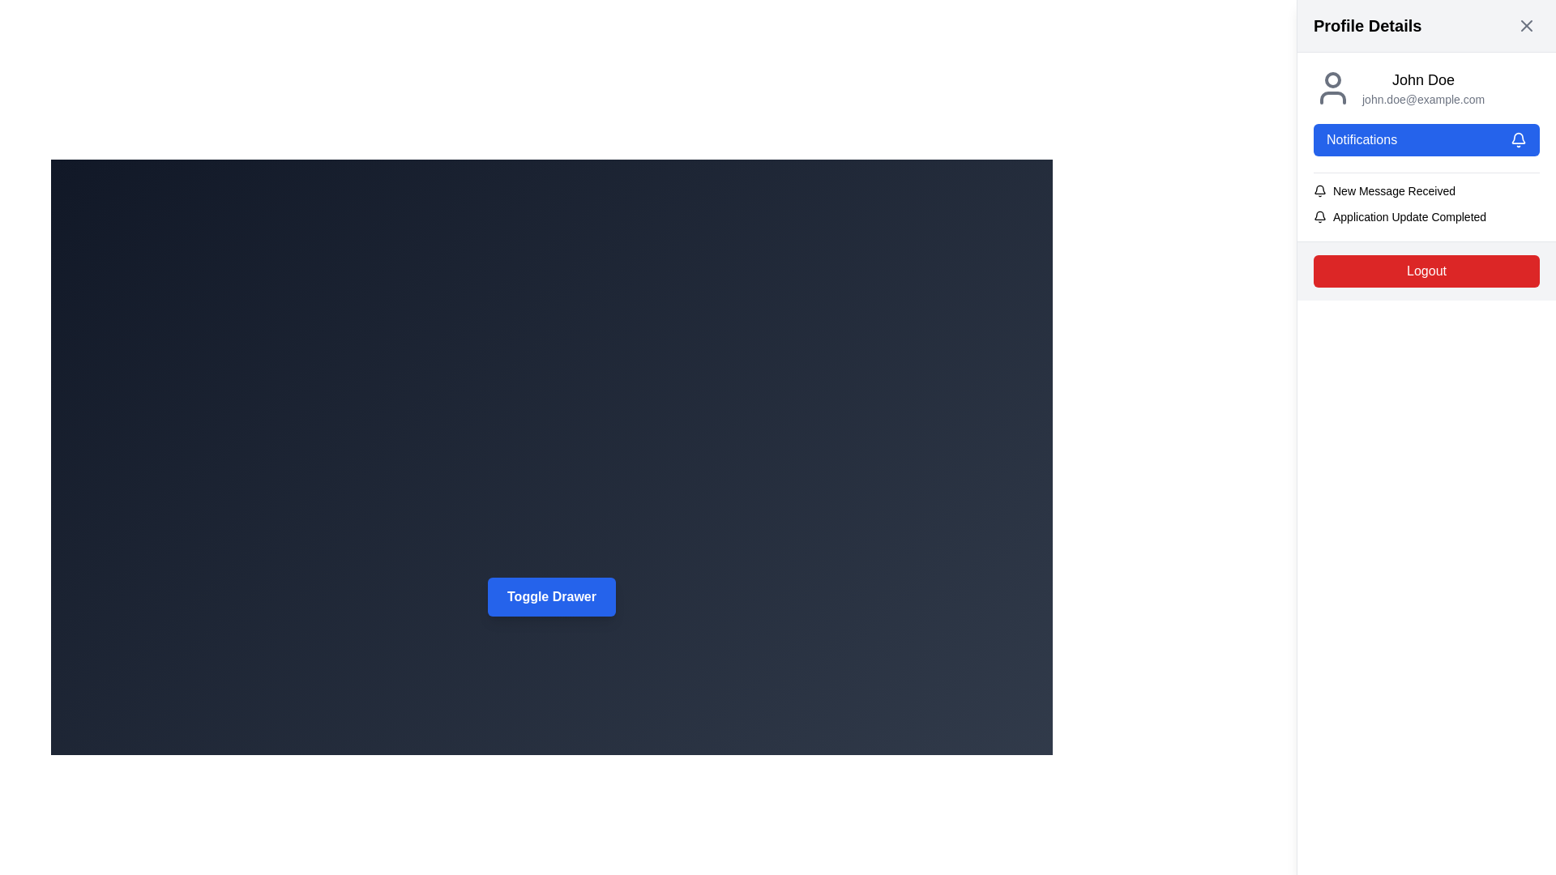 The image size is (1556, 875). Describe the element at coordinates (1426, 190) in the screenshot. I see `text of the notification item displaying 'New Message Received' in the Notifications section of the right-hand sidebar` at that location.